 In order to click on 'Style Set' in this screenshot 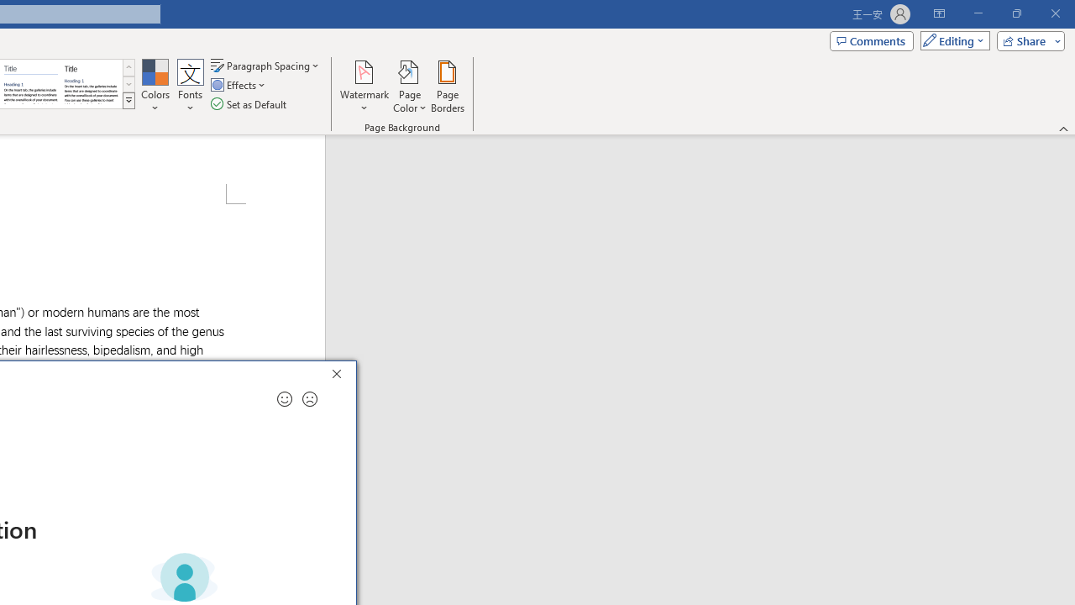, I will do `click(128, 101)`.